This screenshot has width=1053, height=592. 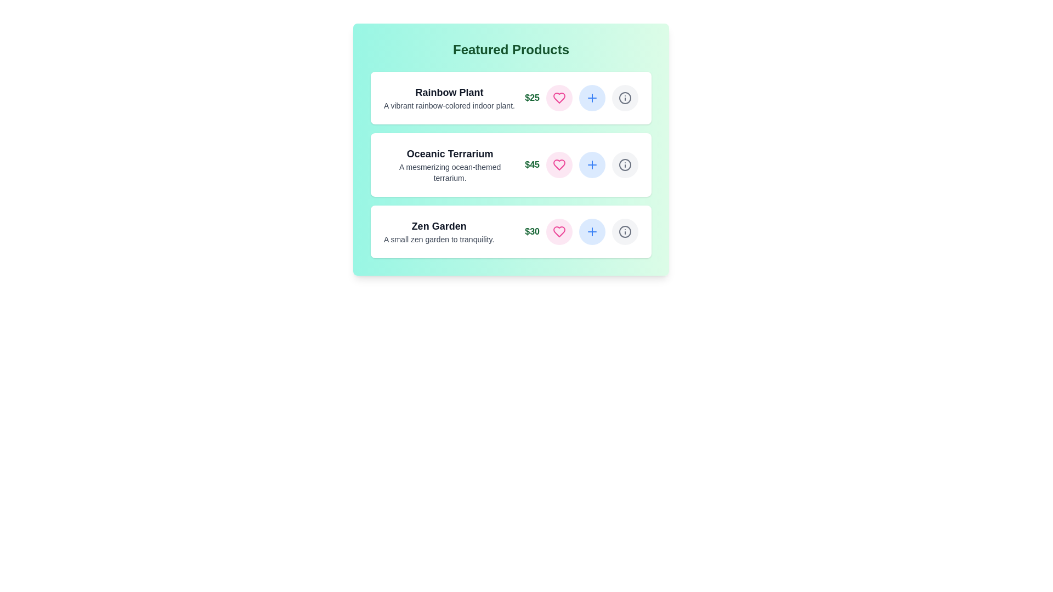 I want to click on plus button for the product Oceanic Terrarium to add it to the cart, so click(x=592, y=164).